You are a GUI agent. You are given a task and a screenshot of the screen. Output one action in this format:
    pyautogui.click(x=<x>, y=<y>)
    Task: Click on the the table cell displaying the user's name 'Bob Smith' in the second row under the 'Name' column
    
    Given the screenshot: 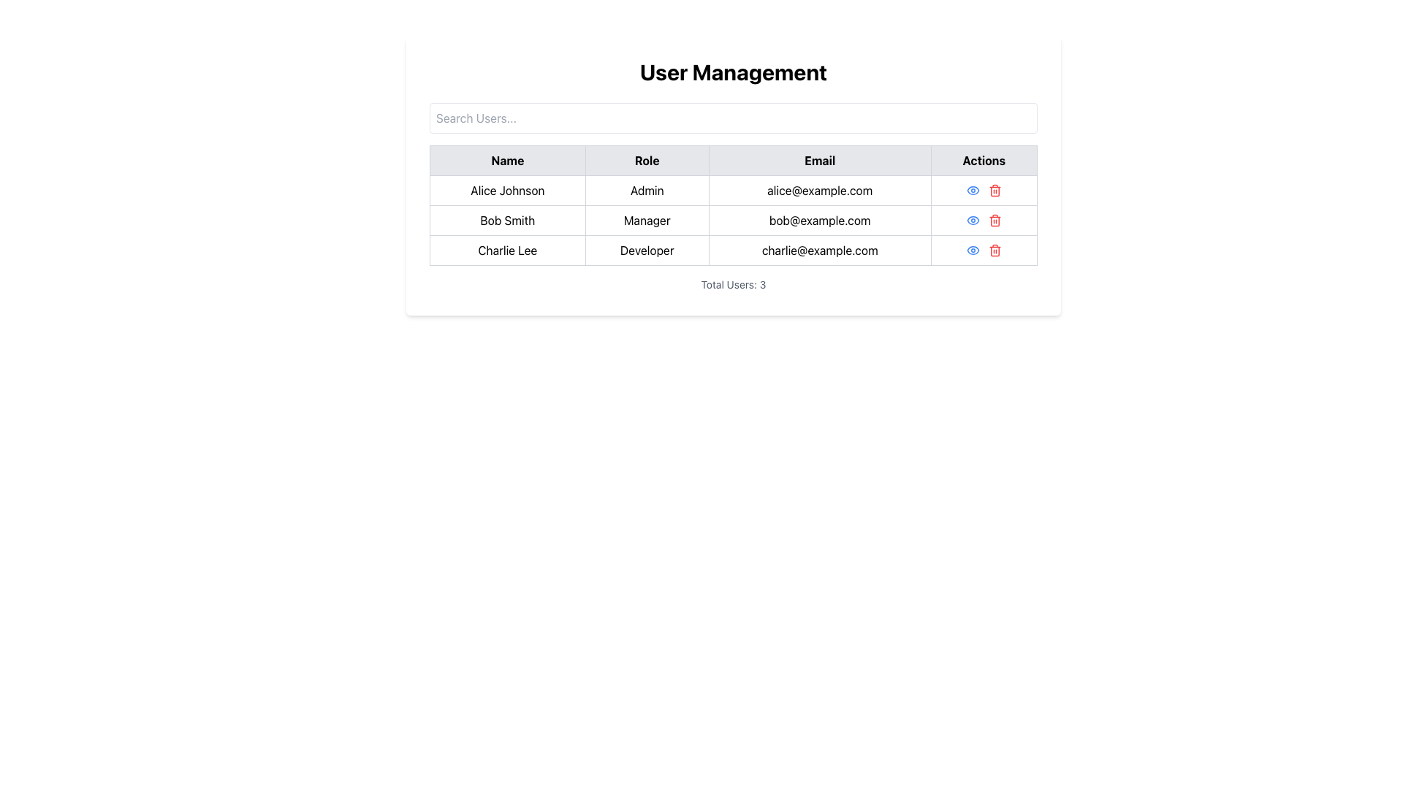 What is the action you would take?
    pyautogui.click(x=507, y=220)
    